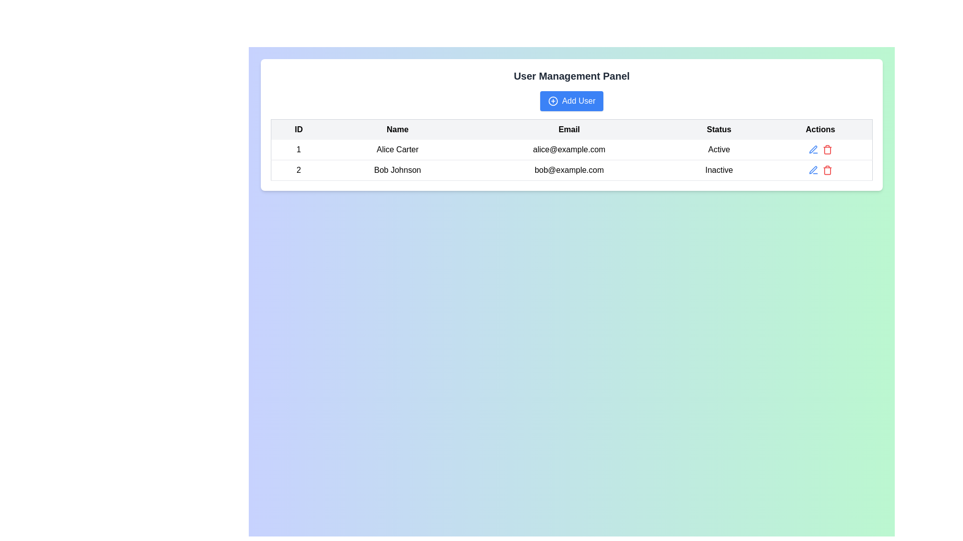  Describe the element at coordinates (298, 169) in the screenshot. I see `the text display that shows the user identifier in the user management table, which is located in the first cell of the second row under the 'ID' column, directly above 'Bob Johnson' in the 'Name' column` at that location.